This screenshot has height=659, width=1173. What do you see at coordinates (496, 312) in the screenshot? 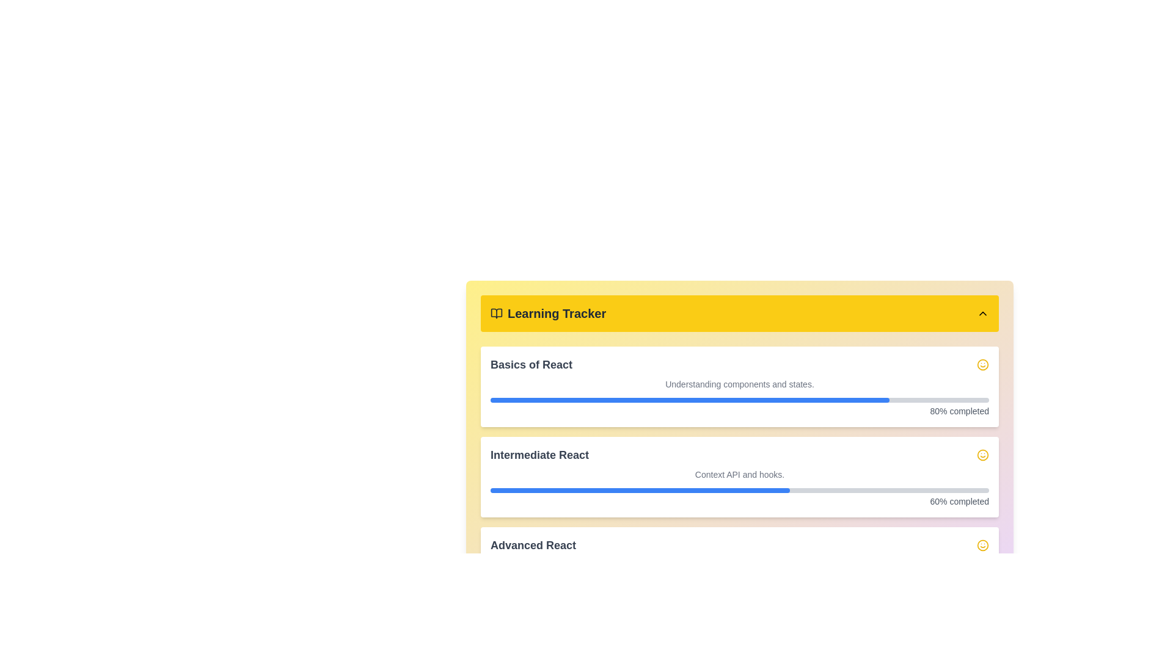
I see `the graphical representation of the educational module icon located within the yellow header section labeled 'Learning Tracker', positioned towards the top-left` at bounding box center [496, 312].